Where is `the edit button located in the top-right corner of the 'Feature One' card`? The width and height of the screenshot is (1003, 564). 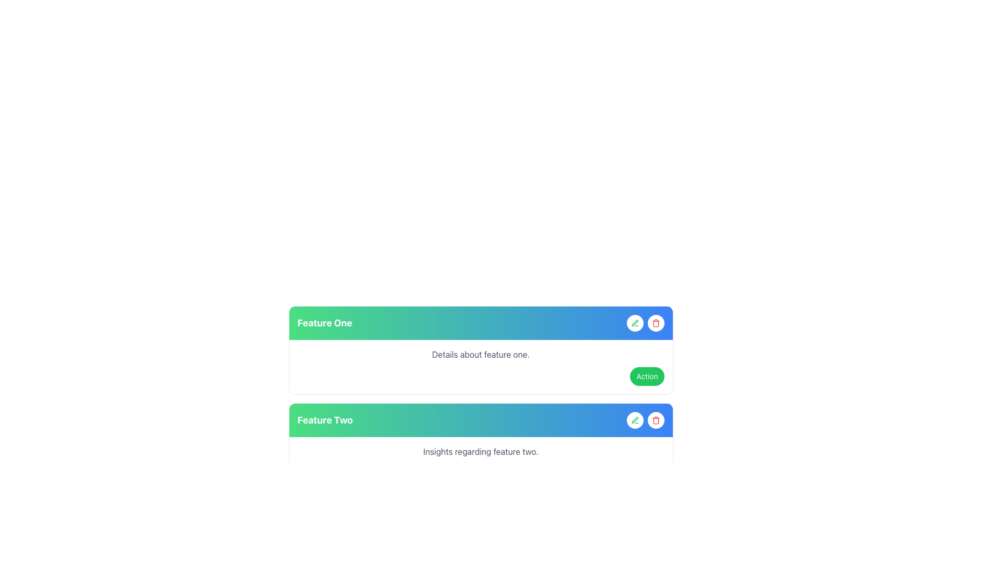
the edit button located in the top-right corner of the 'Feature One' card is located at coordinates (634, 322).